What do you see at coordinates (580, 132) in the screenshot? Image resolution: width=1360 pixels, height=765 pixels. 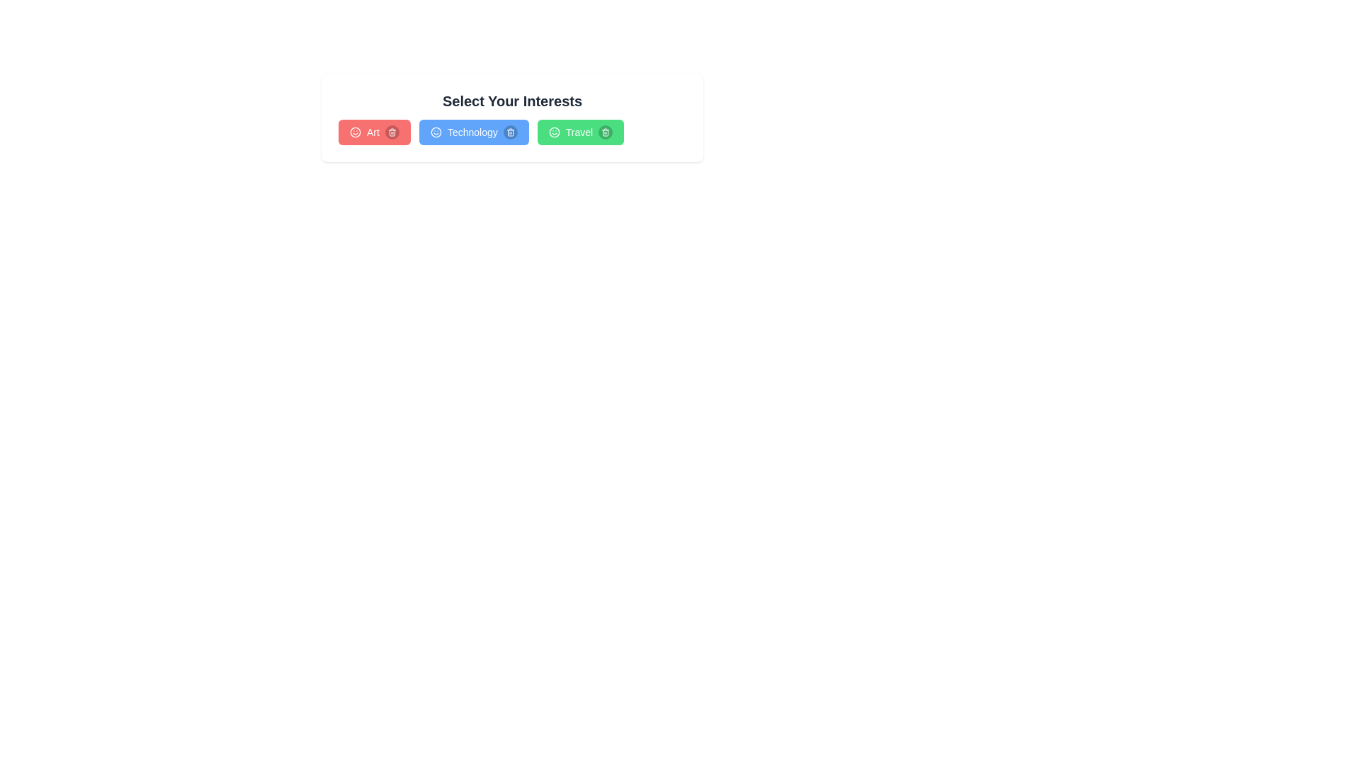 I see `the button corresponding to Travel to select it` at bounding box center [580, 132].